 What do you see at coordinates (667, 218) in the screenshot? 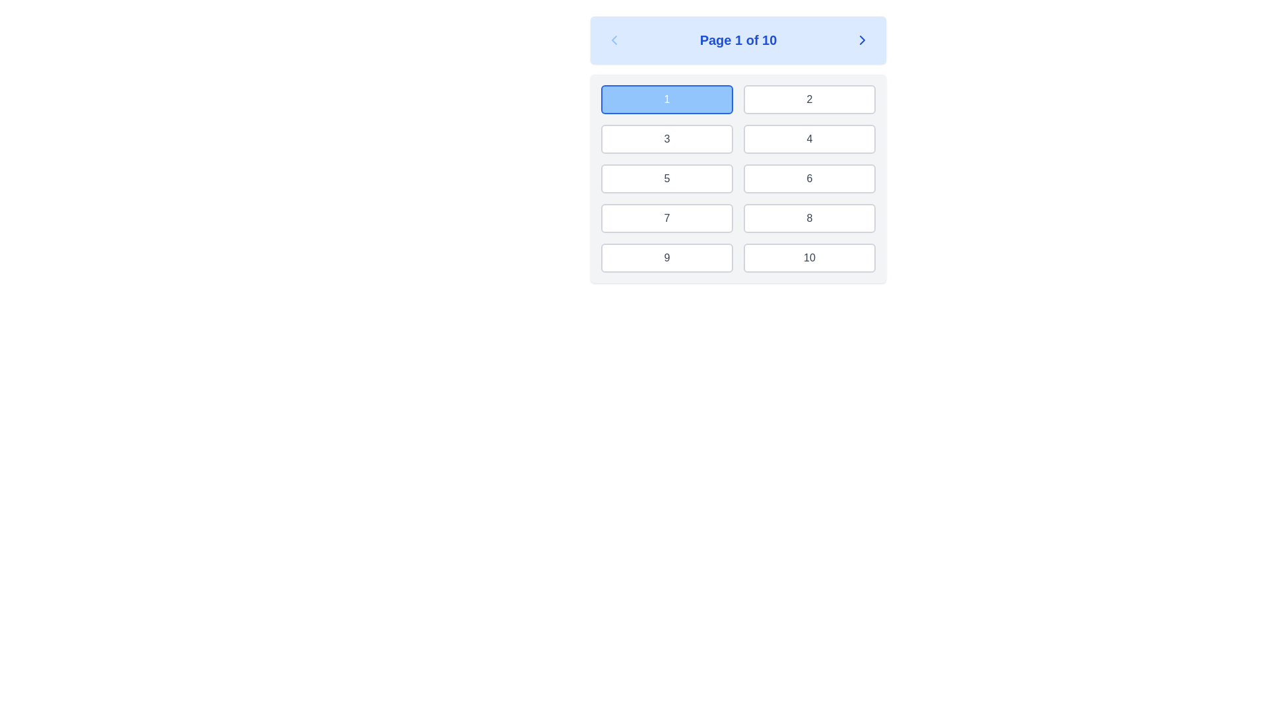
I see `the pagination button located in the grid under 'Page 1 of 10' in the third row, first column, allowing for keyboard navigation` at bounding box center [667, 218].